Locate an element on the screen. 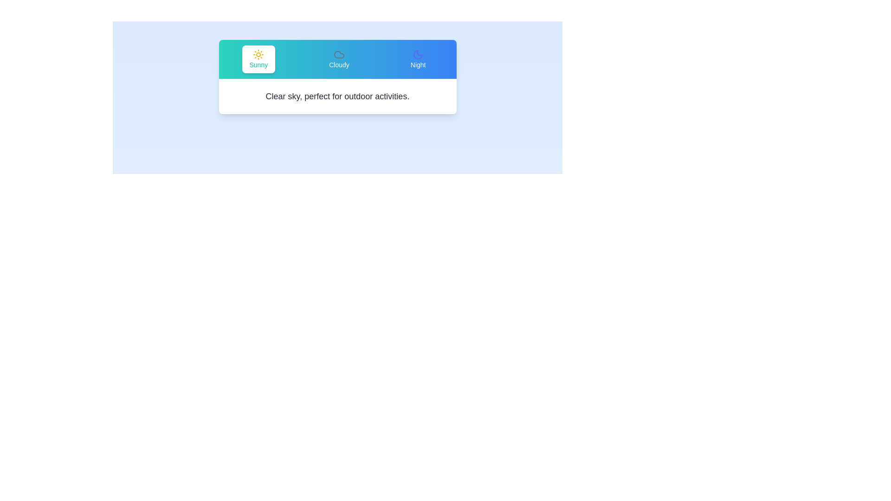 Image resolution: width=891 pixels, height=501 pixels. the tab header area by clicking on its center is located at coordinates (337, 59).